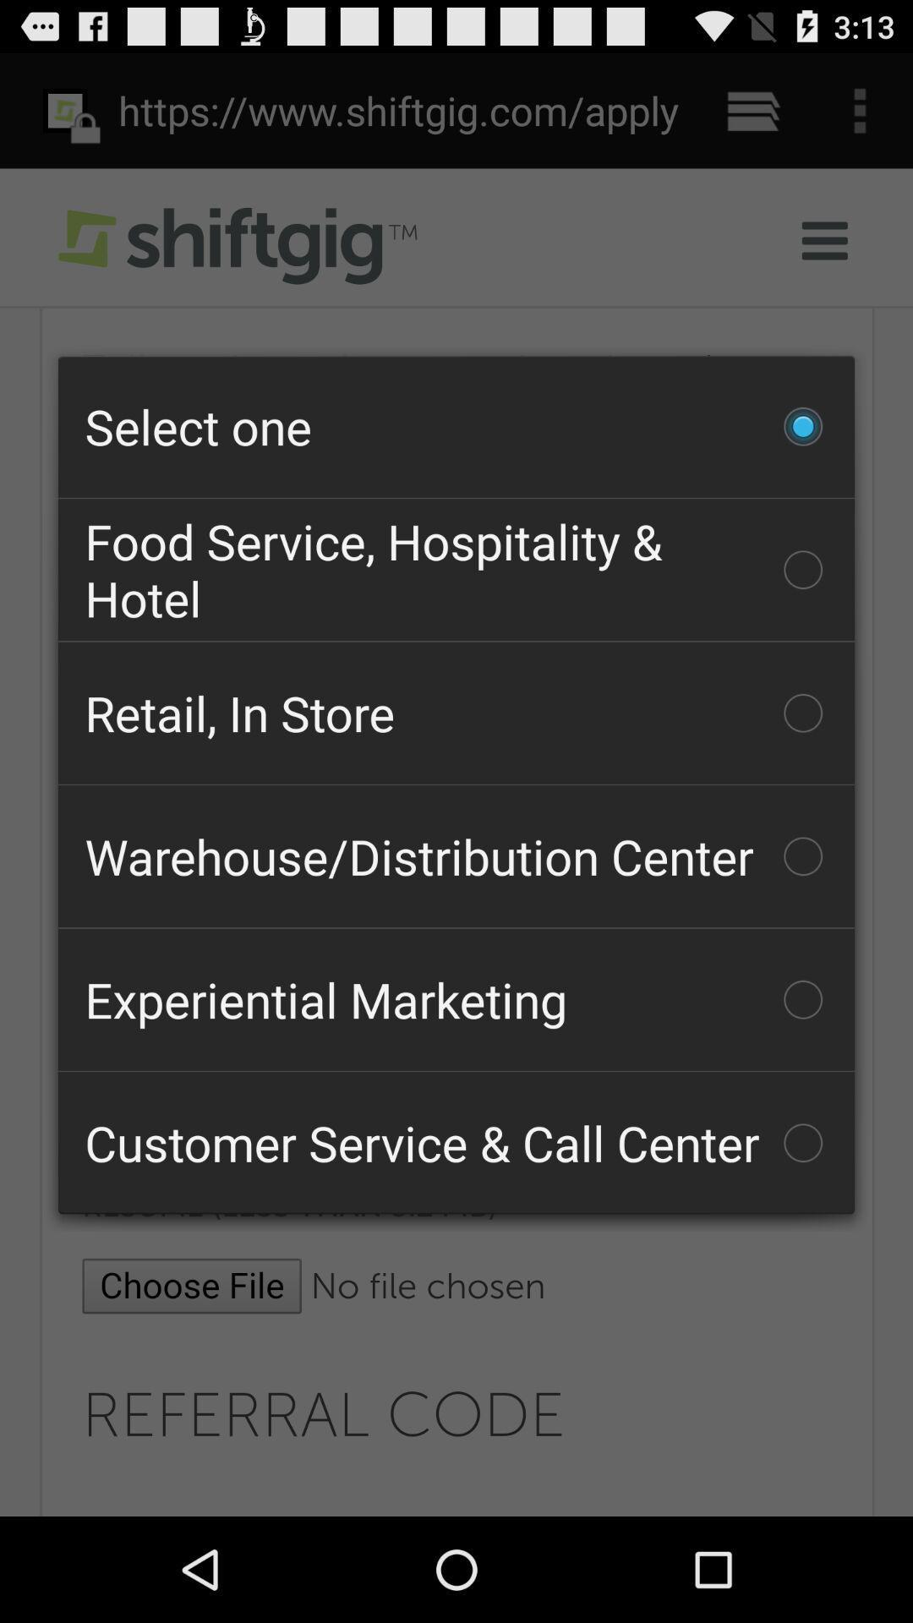 The width and height of the screenshot is (913, 1623). Describe the element at coordinates (456, 570) in the screenshot. I see `food service hospitality checkbox` at that location.